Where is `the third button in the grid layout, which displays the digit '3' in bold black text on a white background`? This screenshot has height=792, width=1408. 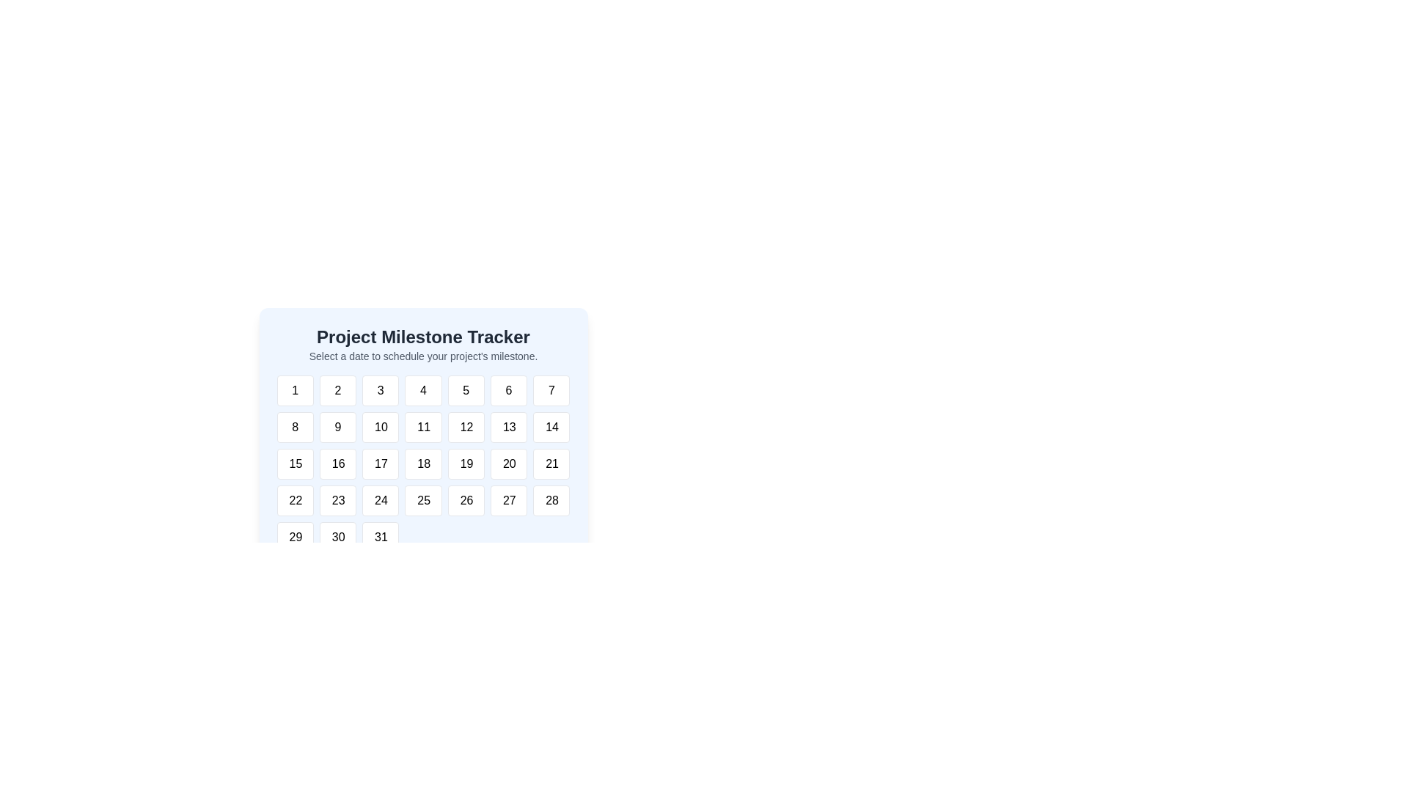
the third button in the grid layout, which displays the digit '3' in bold black text on a white background is located at coordinates (381, 389).